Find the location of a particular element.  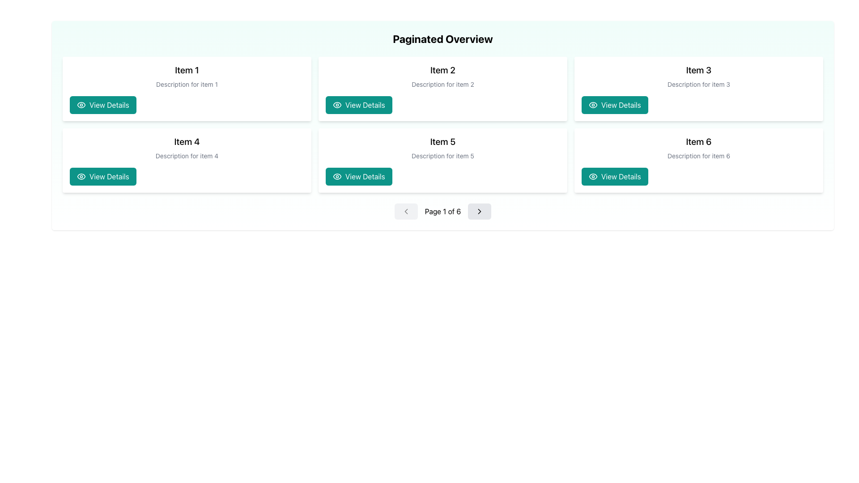

the text element styled in a small font size and gray color, located under the title 'Item 6' in the card component is located at coordinates (698, 155).